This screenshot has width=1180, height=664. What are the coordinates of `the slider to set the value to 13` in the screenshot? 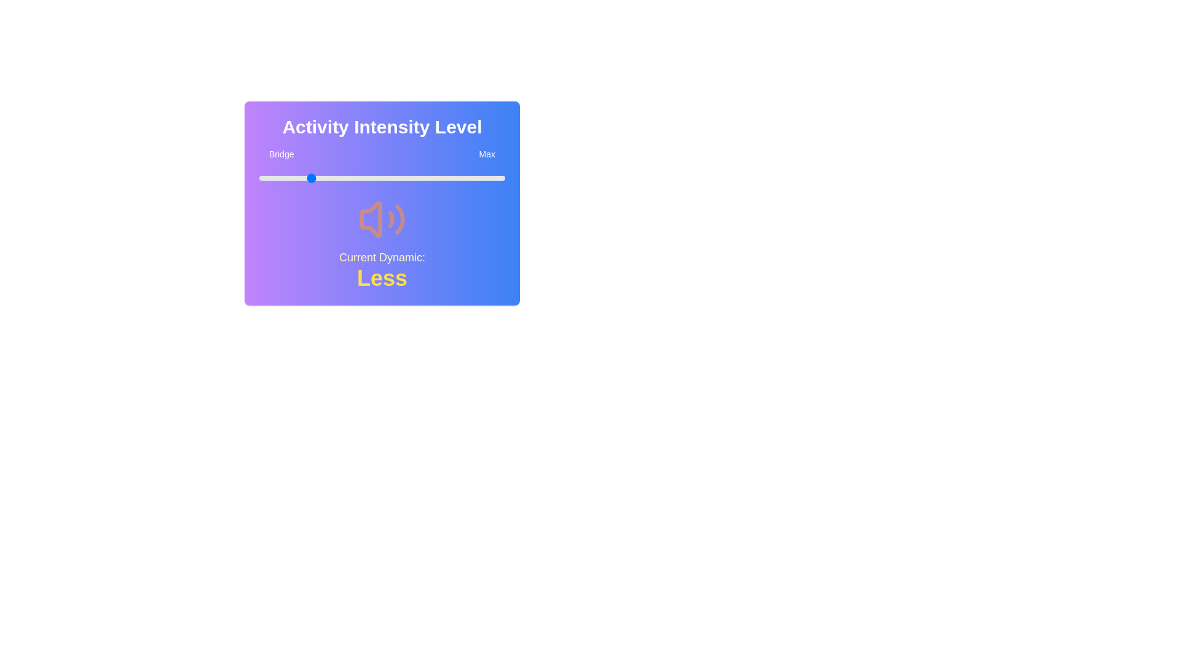 It's located at (291, 178).